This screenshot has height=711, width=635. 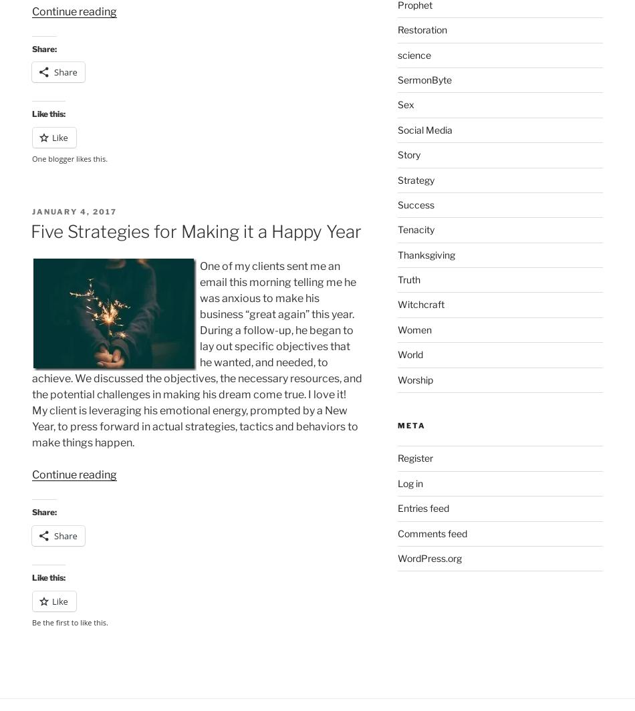 I want to click on 'Comments feed', so click(x=432, y=533).